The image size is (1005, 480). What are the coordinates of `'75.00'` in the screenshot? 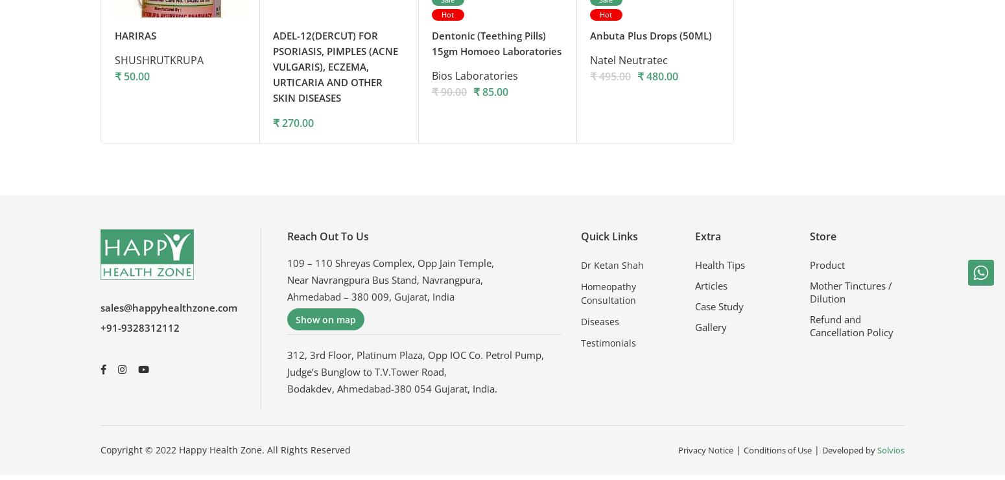 It's located at (796, 126).